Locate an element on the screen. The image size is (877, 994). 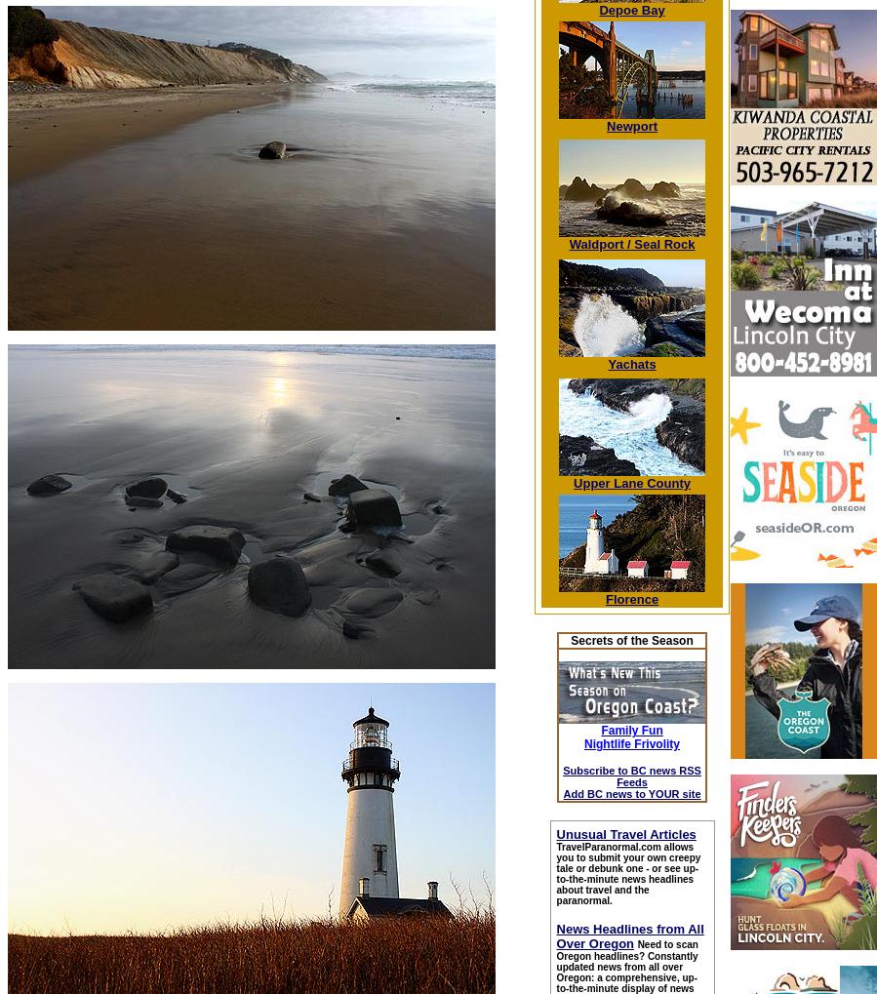
'Add BC news to YOUR site' is located at coordinates (630, 792).